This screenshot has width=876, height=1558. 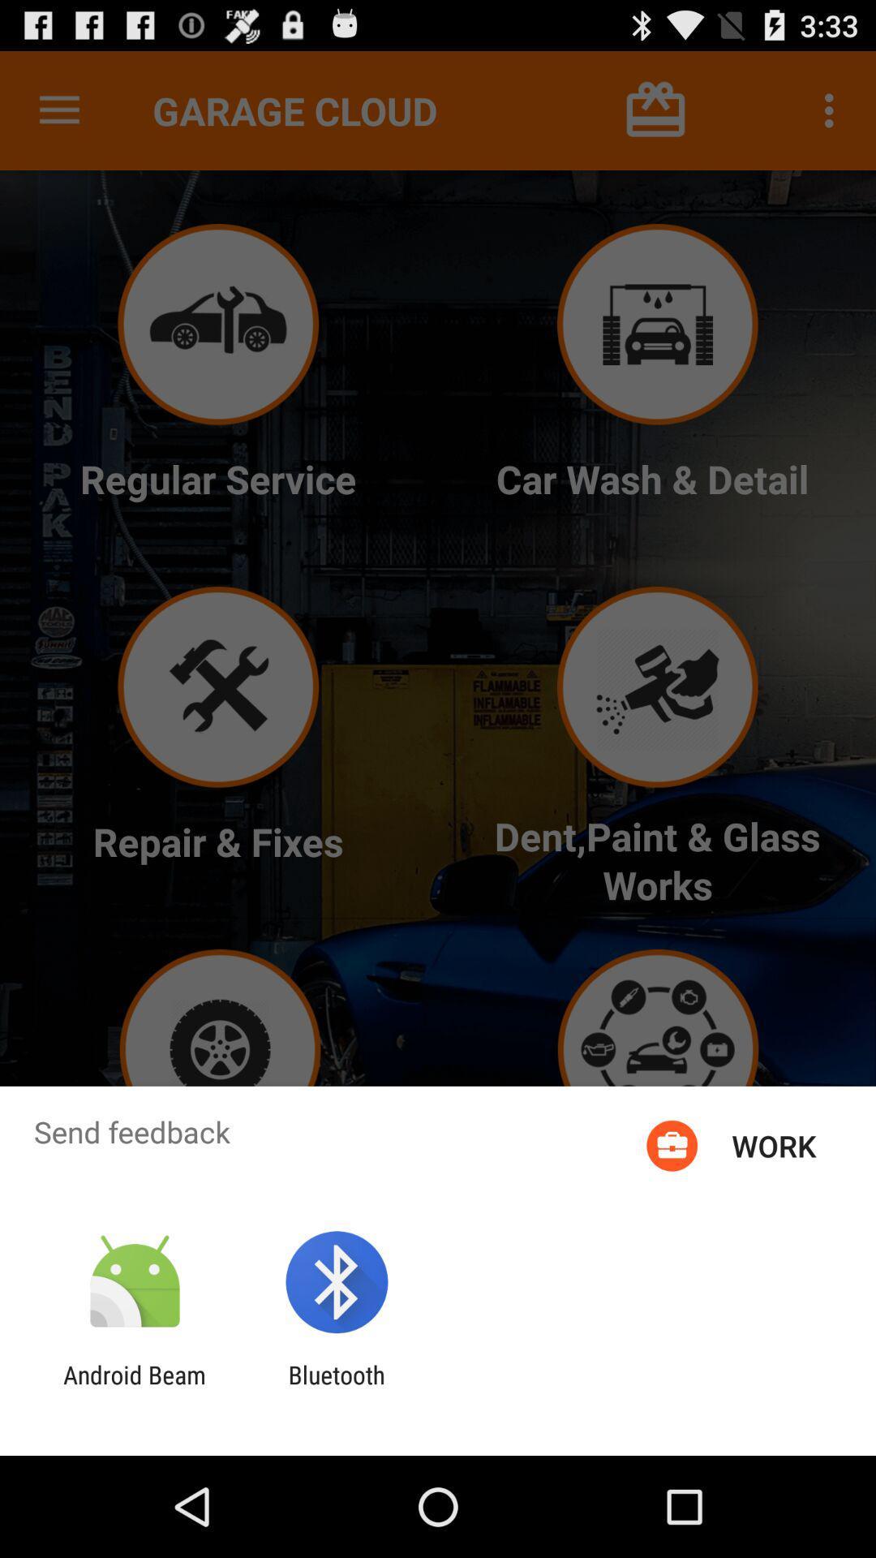 I want to click on the item to the left of the bluetooth app, so click(x=134, y=1388).